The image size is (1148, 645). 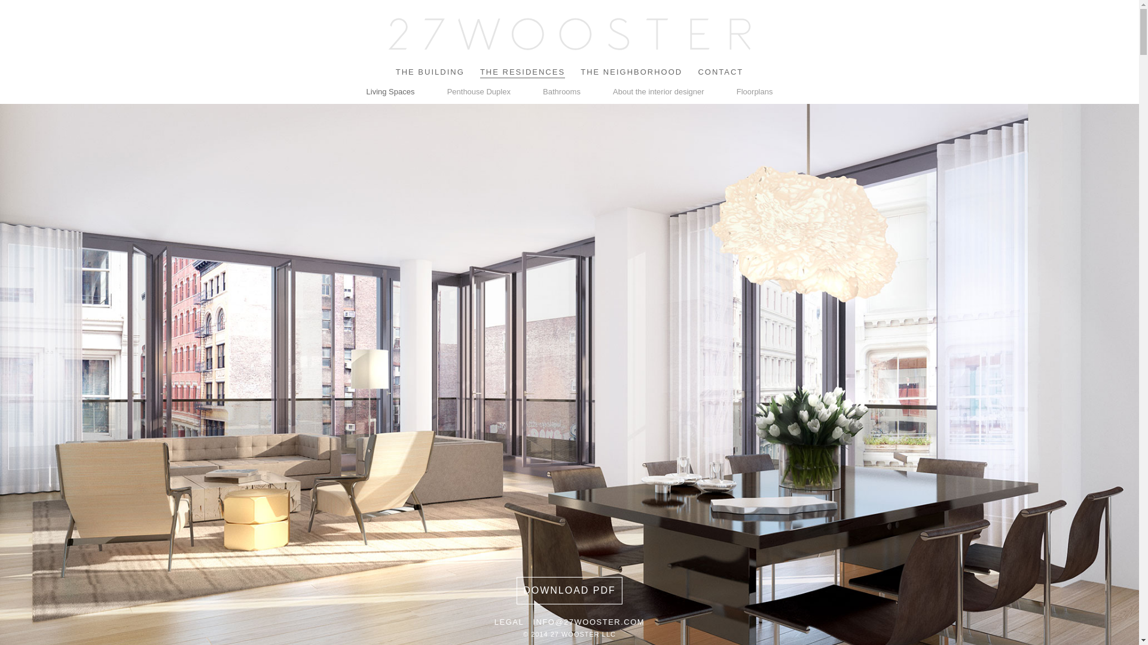 What do you see at coordinates (569, 589) in the screenshot?
I see `'DOWNLOAD PDF'` at bounding box center [569, 589].